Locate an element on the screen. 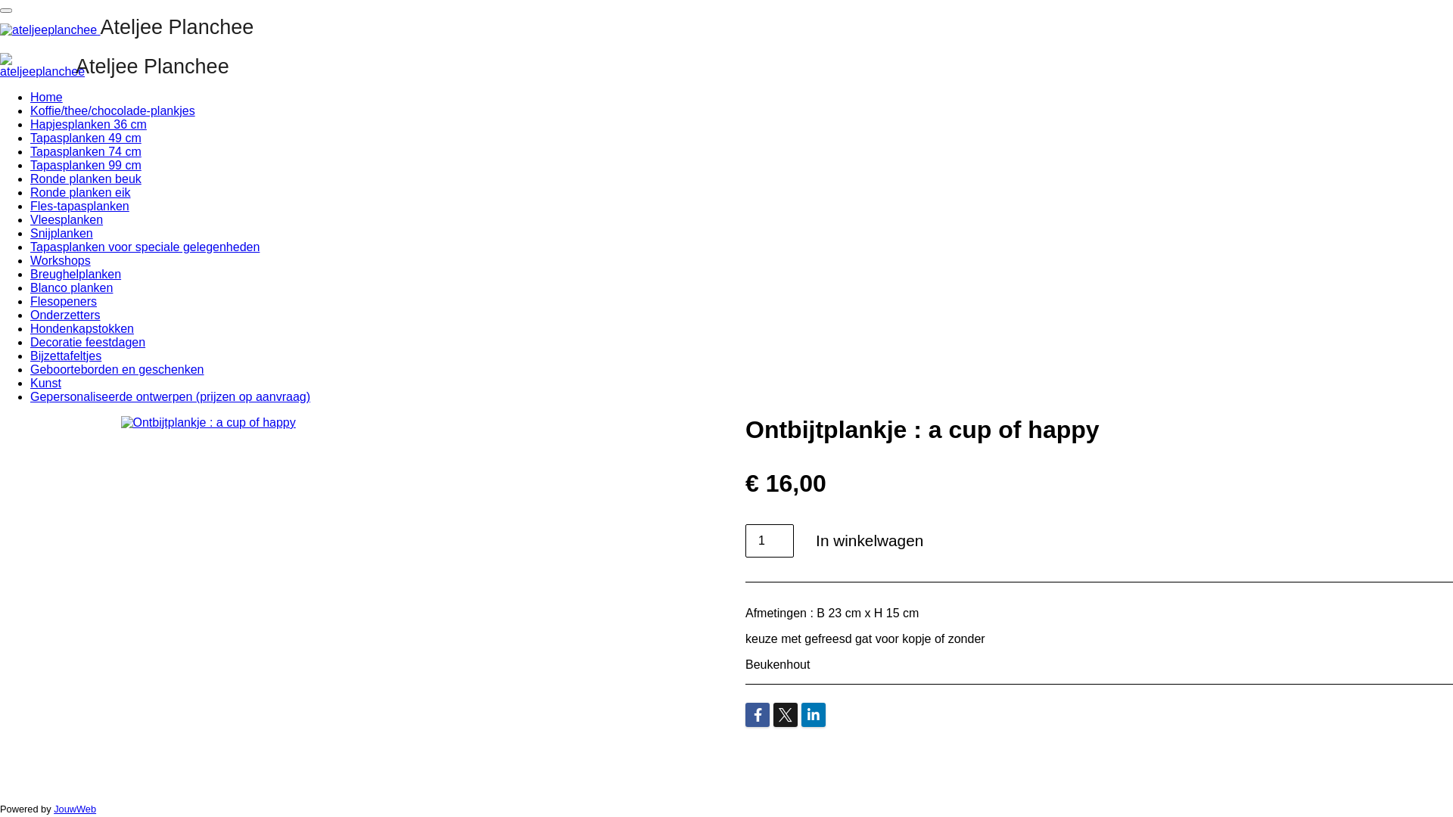  'Vleesplanken' is located at coordinates (30, 219).